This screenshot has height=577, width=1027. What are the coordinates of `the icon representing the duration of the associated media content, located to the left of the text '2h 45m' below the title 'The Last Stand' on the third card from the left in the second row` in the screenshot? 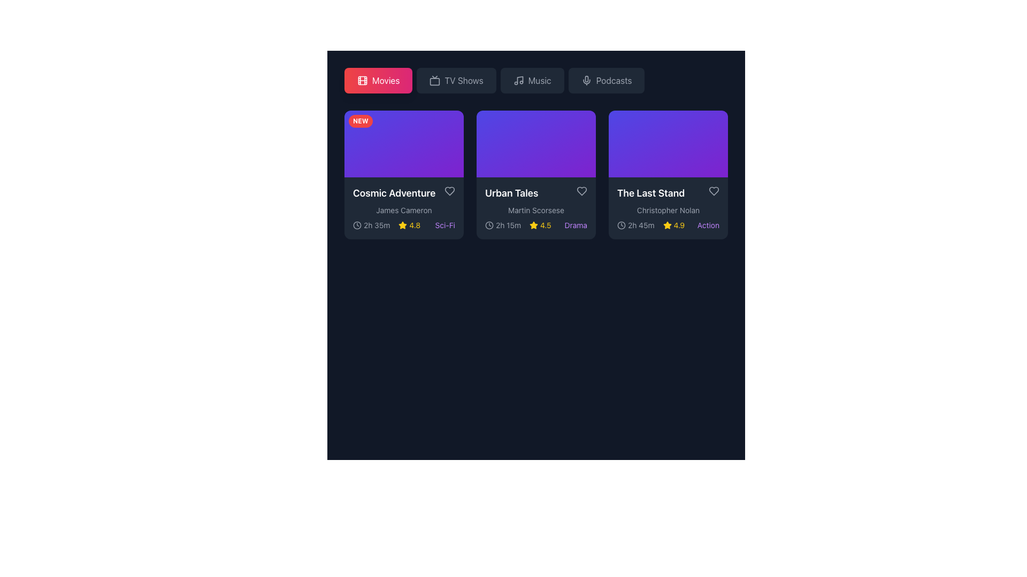 It's located at (621, 224).